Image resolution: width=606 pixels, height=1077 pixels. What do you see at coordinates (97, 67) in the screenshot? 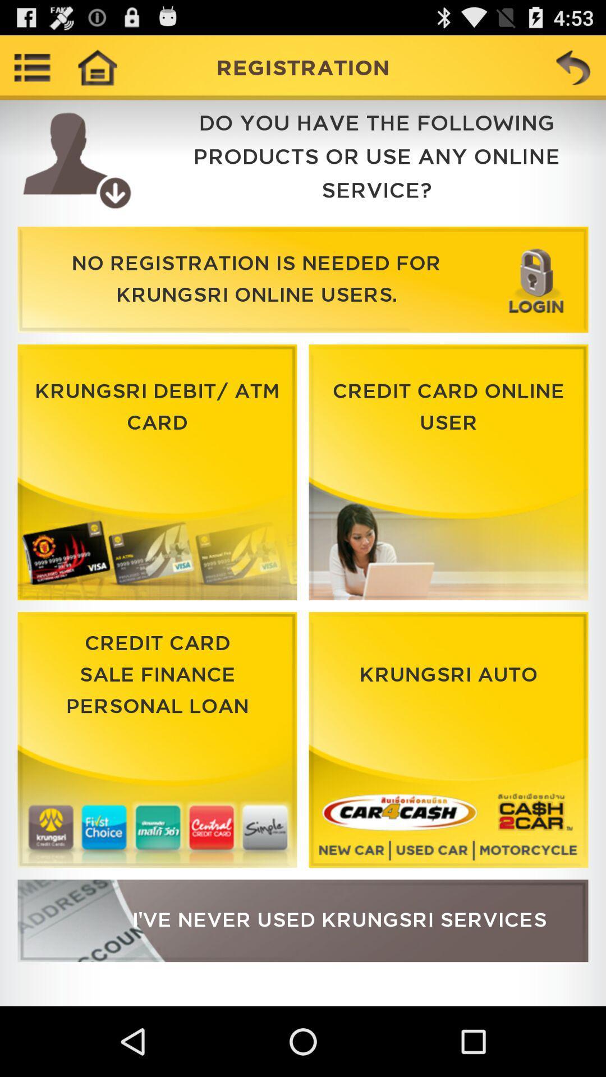
I see `tab to go home page toggle to home page` at bounding box center [97, 67].